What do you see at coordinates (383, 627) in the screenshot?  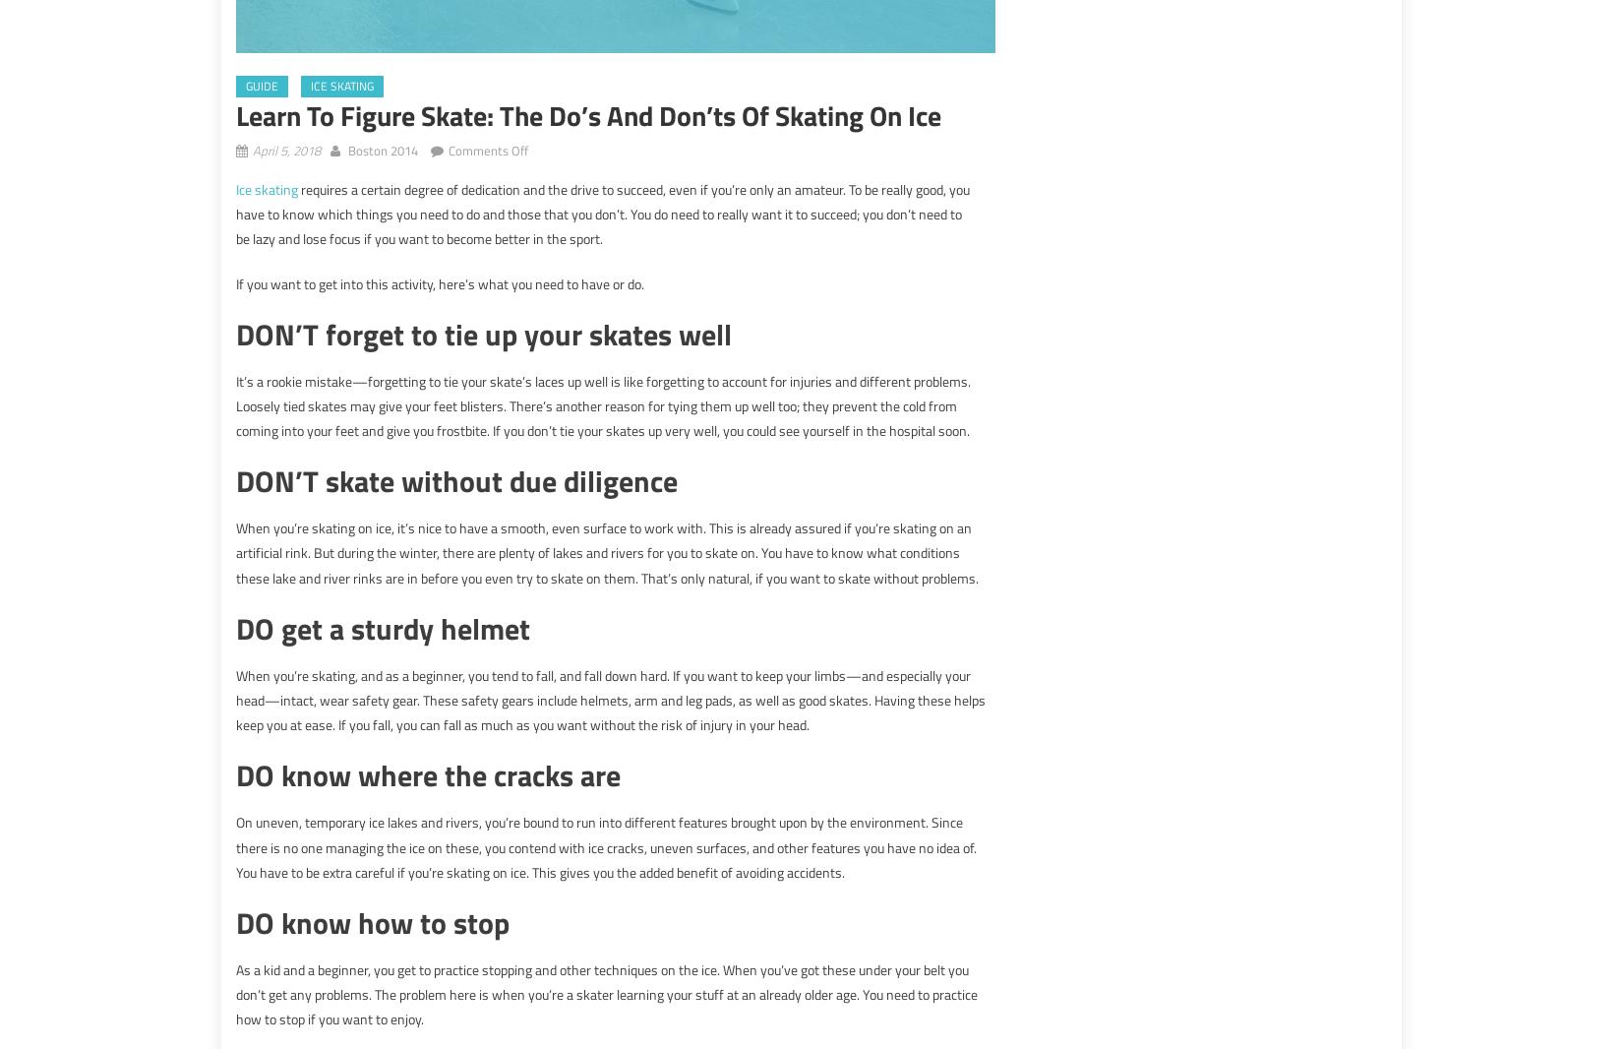 I see `'DO get a sturdy helmet'` at bounding box center [383, 627].